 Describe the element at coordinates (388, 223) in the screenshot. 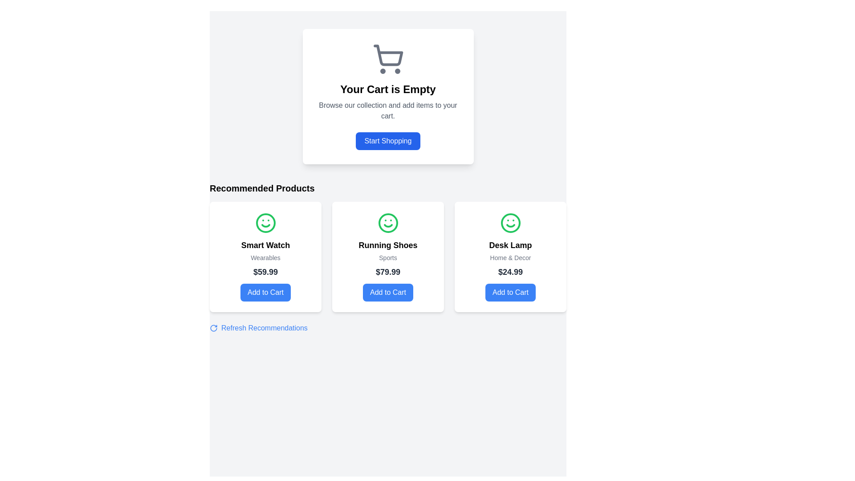

I see `the decorative icon representing satisfaction or approval positioned at the top-center of the 'Running Shoes' card` at that location.